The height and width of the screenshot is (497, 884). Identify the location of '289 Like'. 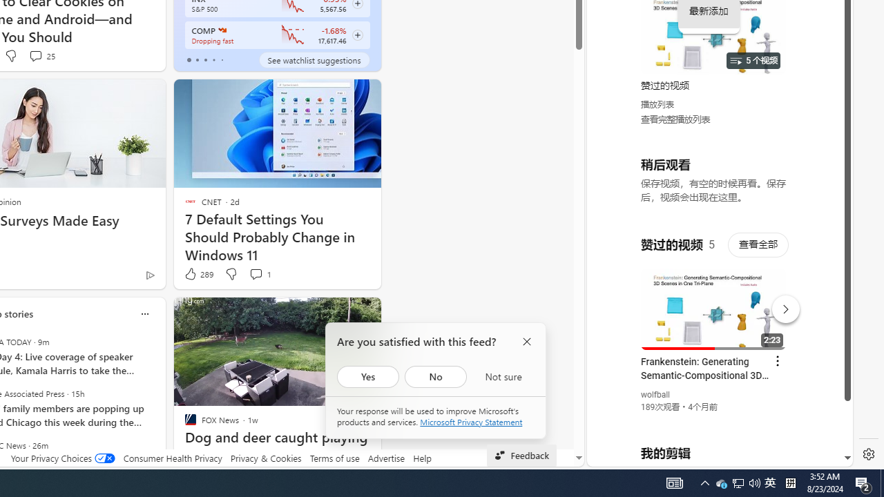
(198, 274).